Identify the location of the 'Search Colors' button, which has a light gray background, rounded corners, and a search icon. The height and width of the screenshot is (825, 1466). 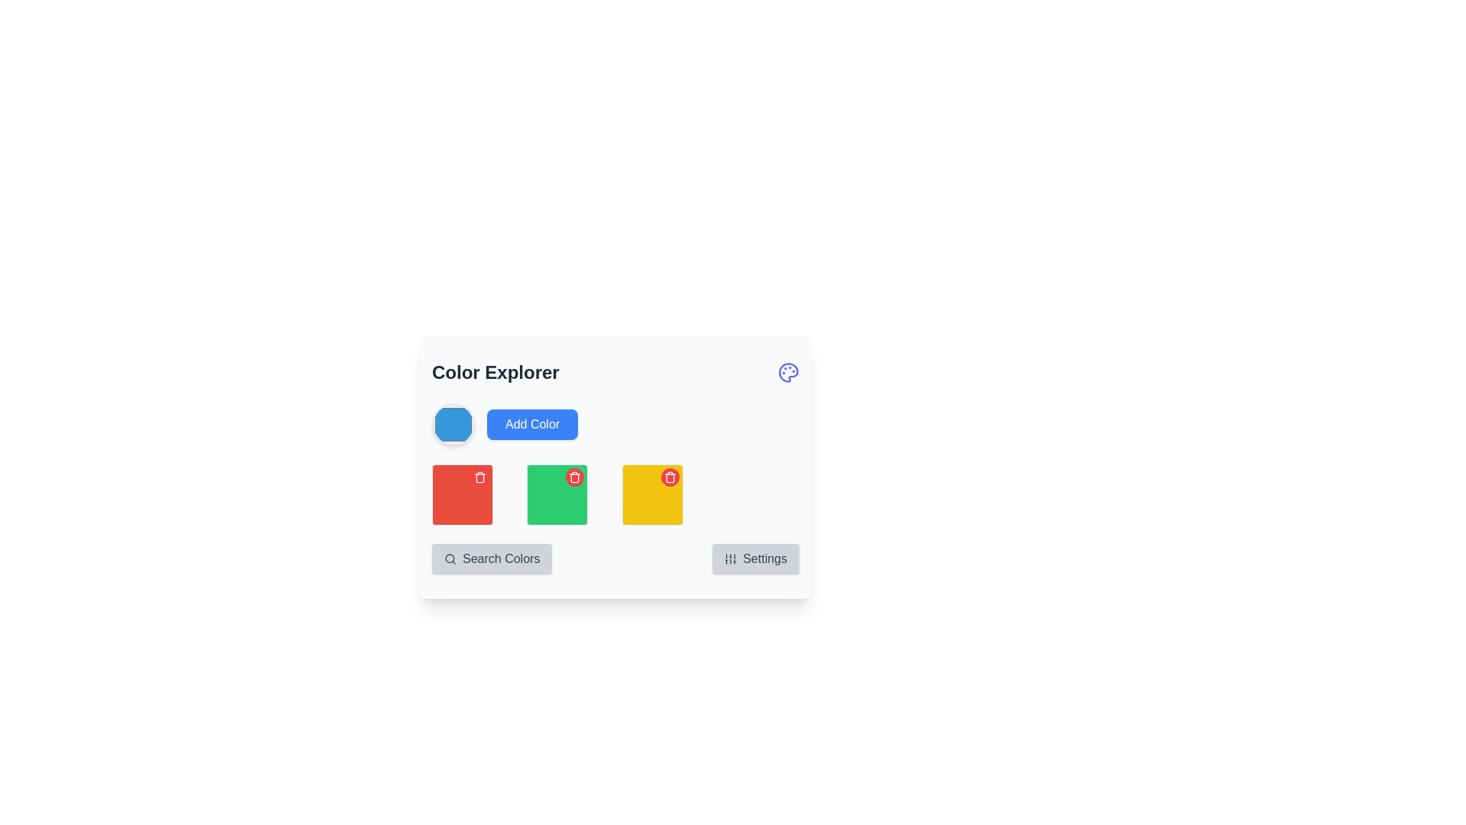
(492, 559).